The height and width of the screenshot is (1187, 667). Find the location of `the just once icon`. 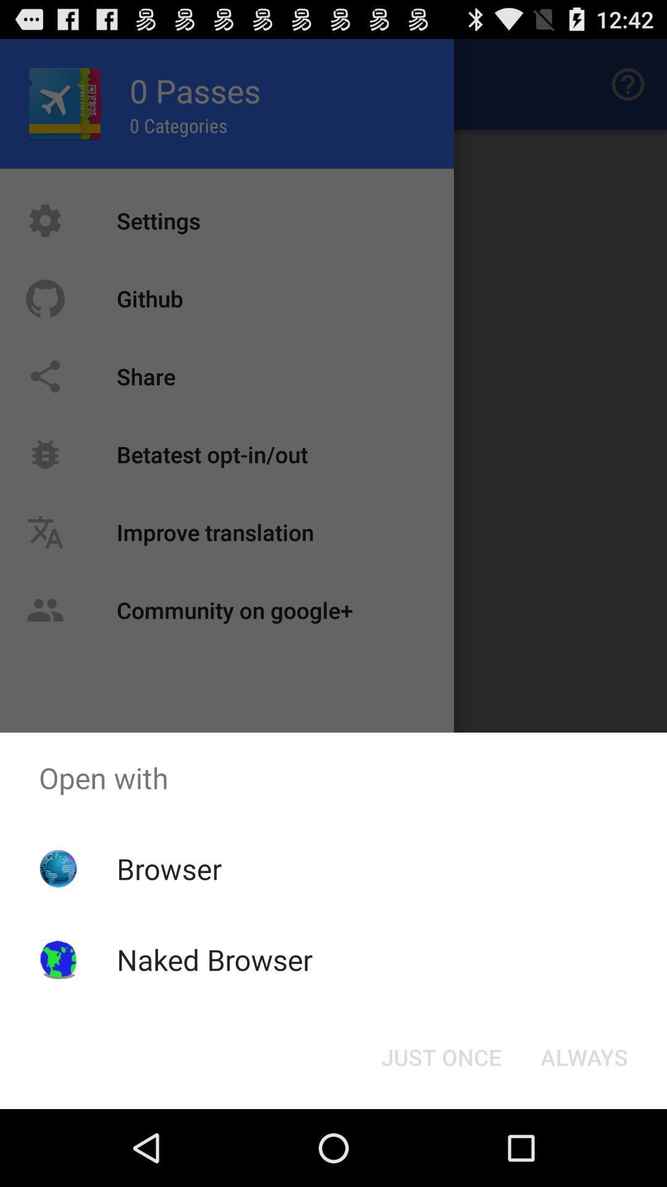

the just once icon is located at coordinates (440, 1056).